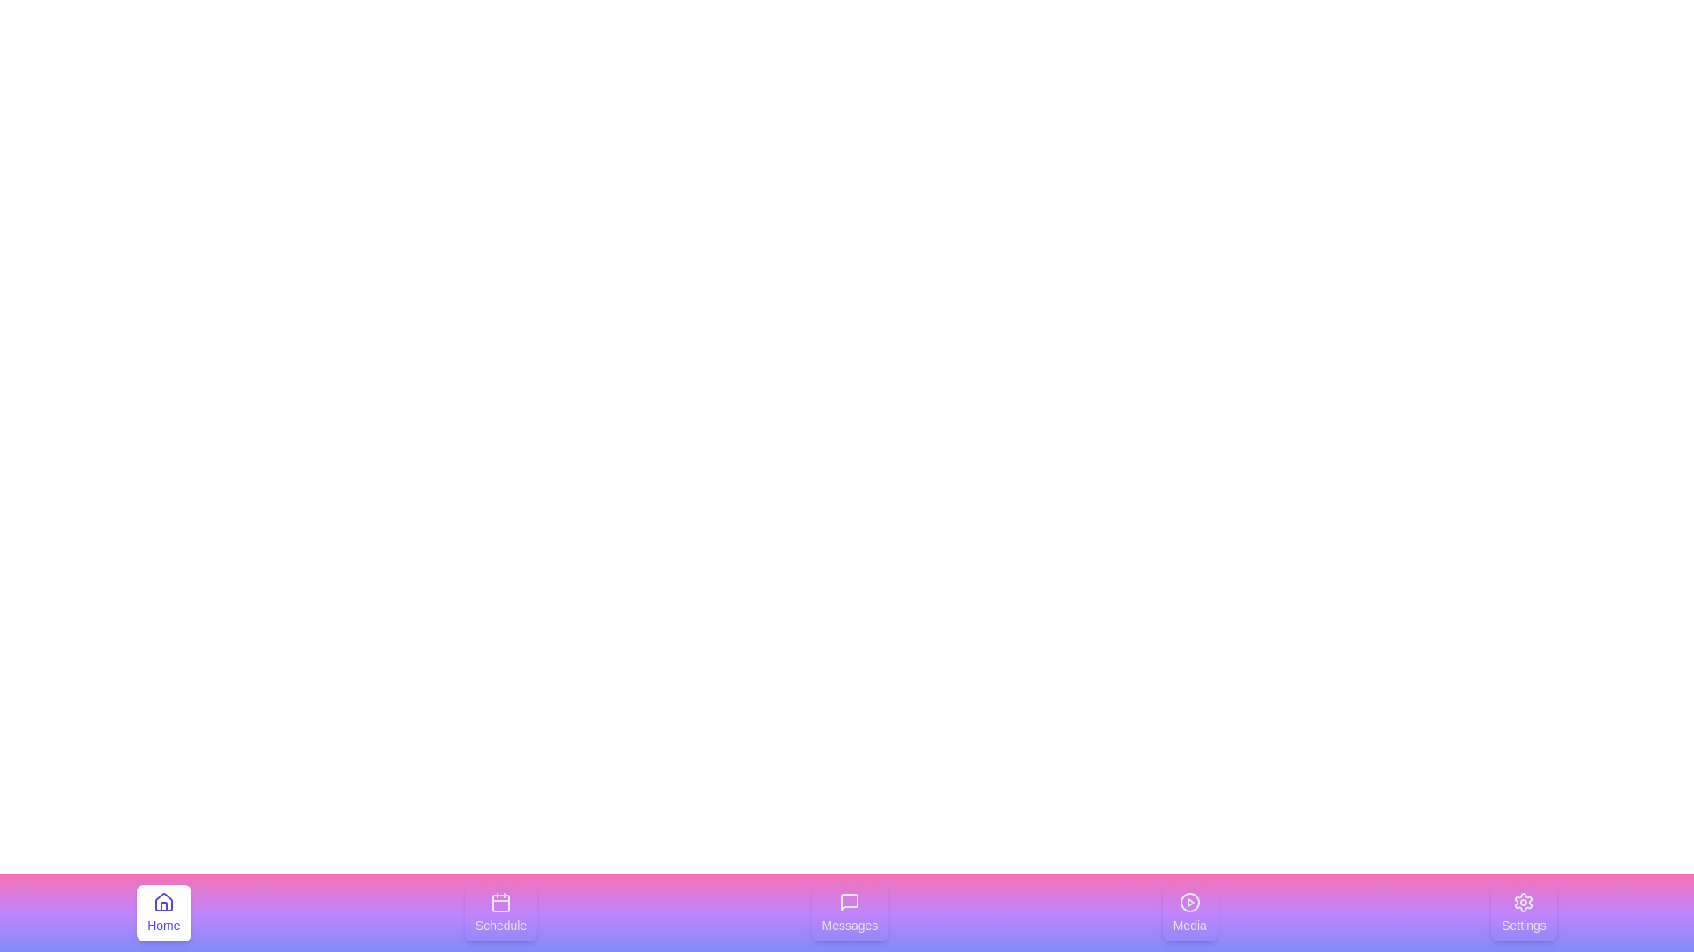 The width and height of the screenshot is (1694, 952). Describe the element at coordinates (1189, 912) in the screenshot. I see `the tab labeled Media in the bottom navigation bar` at that location.